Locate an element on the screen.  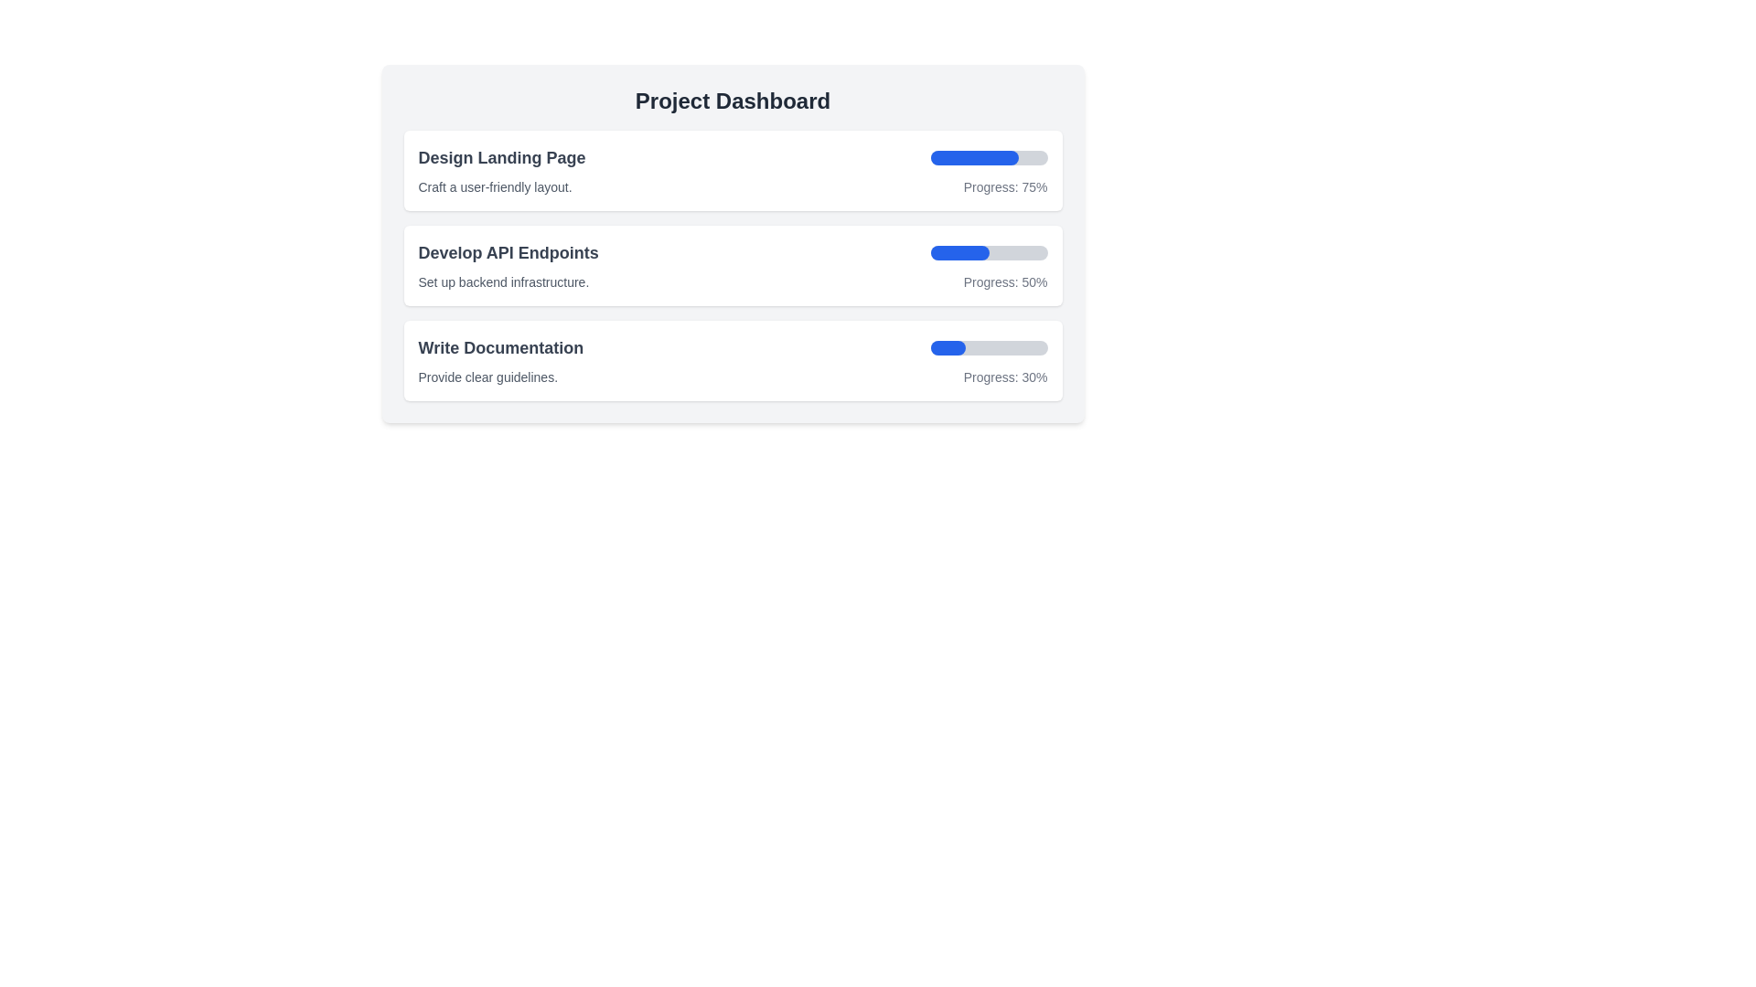
the visual representation of the progress bar indicating that 75% of the task 'Design Landing Page' is complete, located below the 'Design Landing Page' section in the 'Project Dashboard' interface is located at coordinates (973, 157).